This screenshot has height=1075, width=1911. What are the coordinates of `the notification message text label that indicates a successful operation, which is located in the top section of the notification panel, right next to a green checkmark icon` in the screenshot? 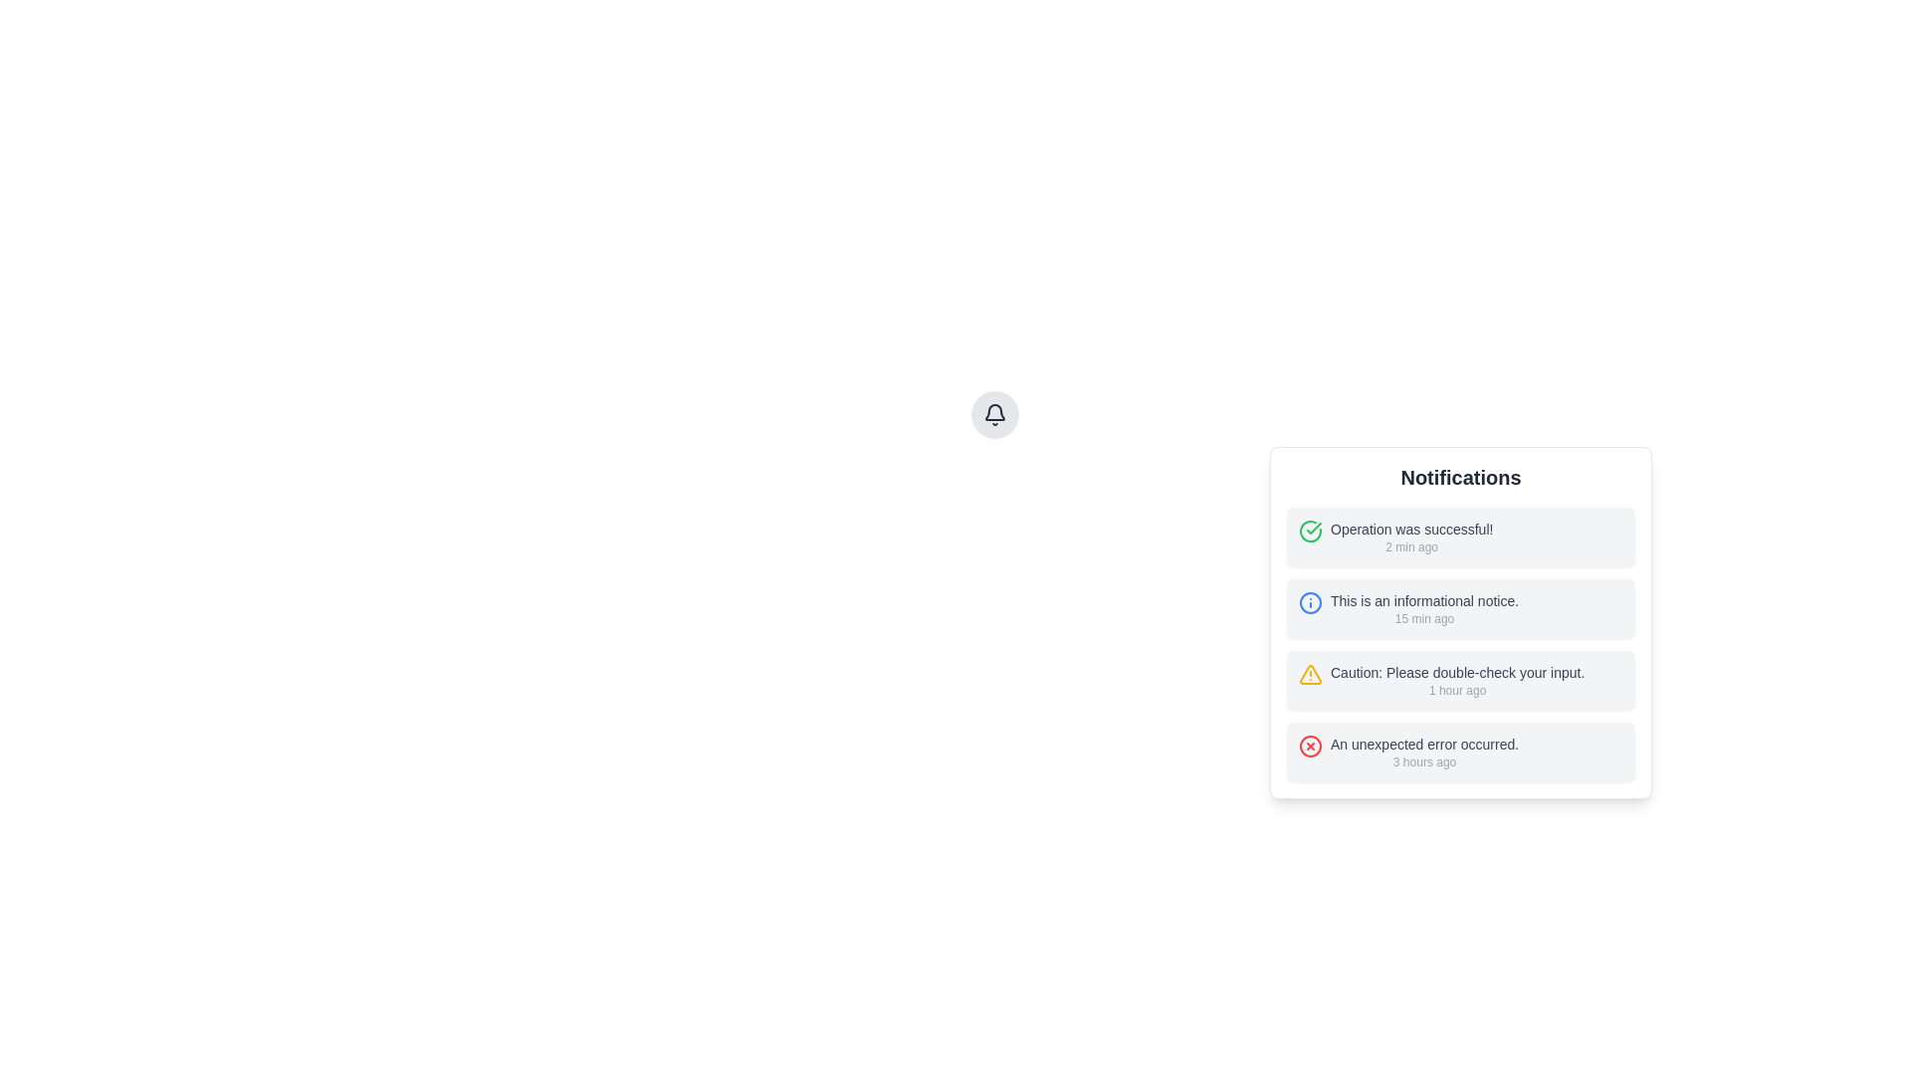 It's located at (1410, 537).